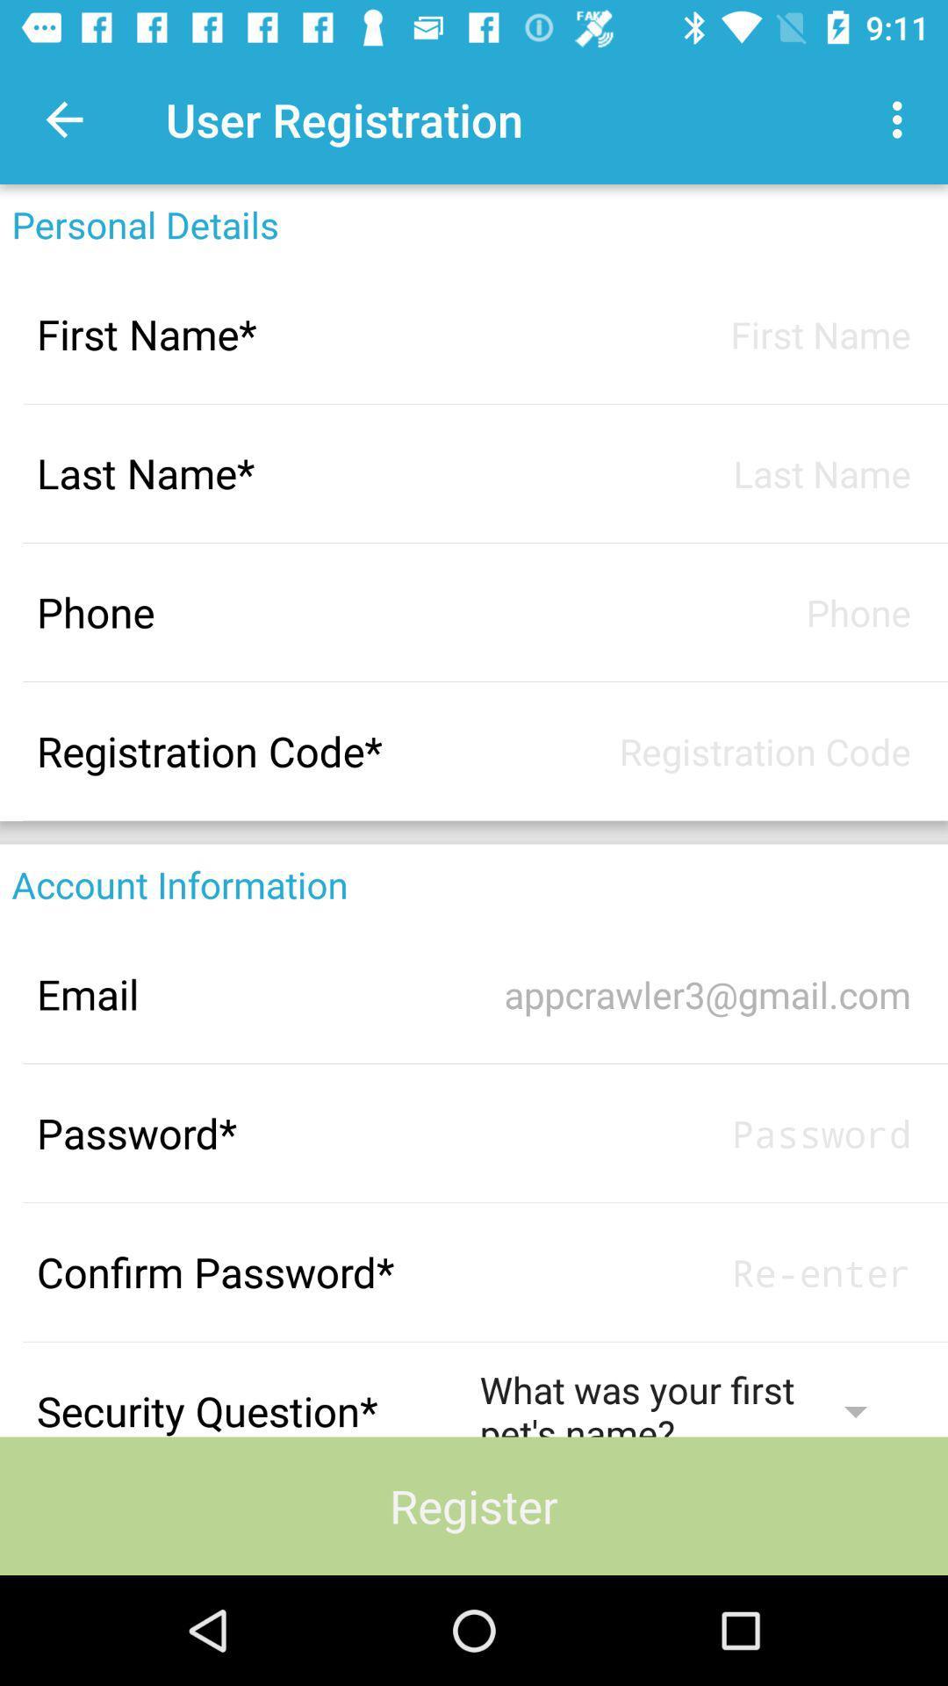  I want to click on name, so click(694, 334).